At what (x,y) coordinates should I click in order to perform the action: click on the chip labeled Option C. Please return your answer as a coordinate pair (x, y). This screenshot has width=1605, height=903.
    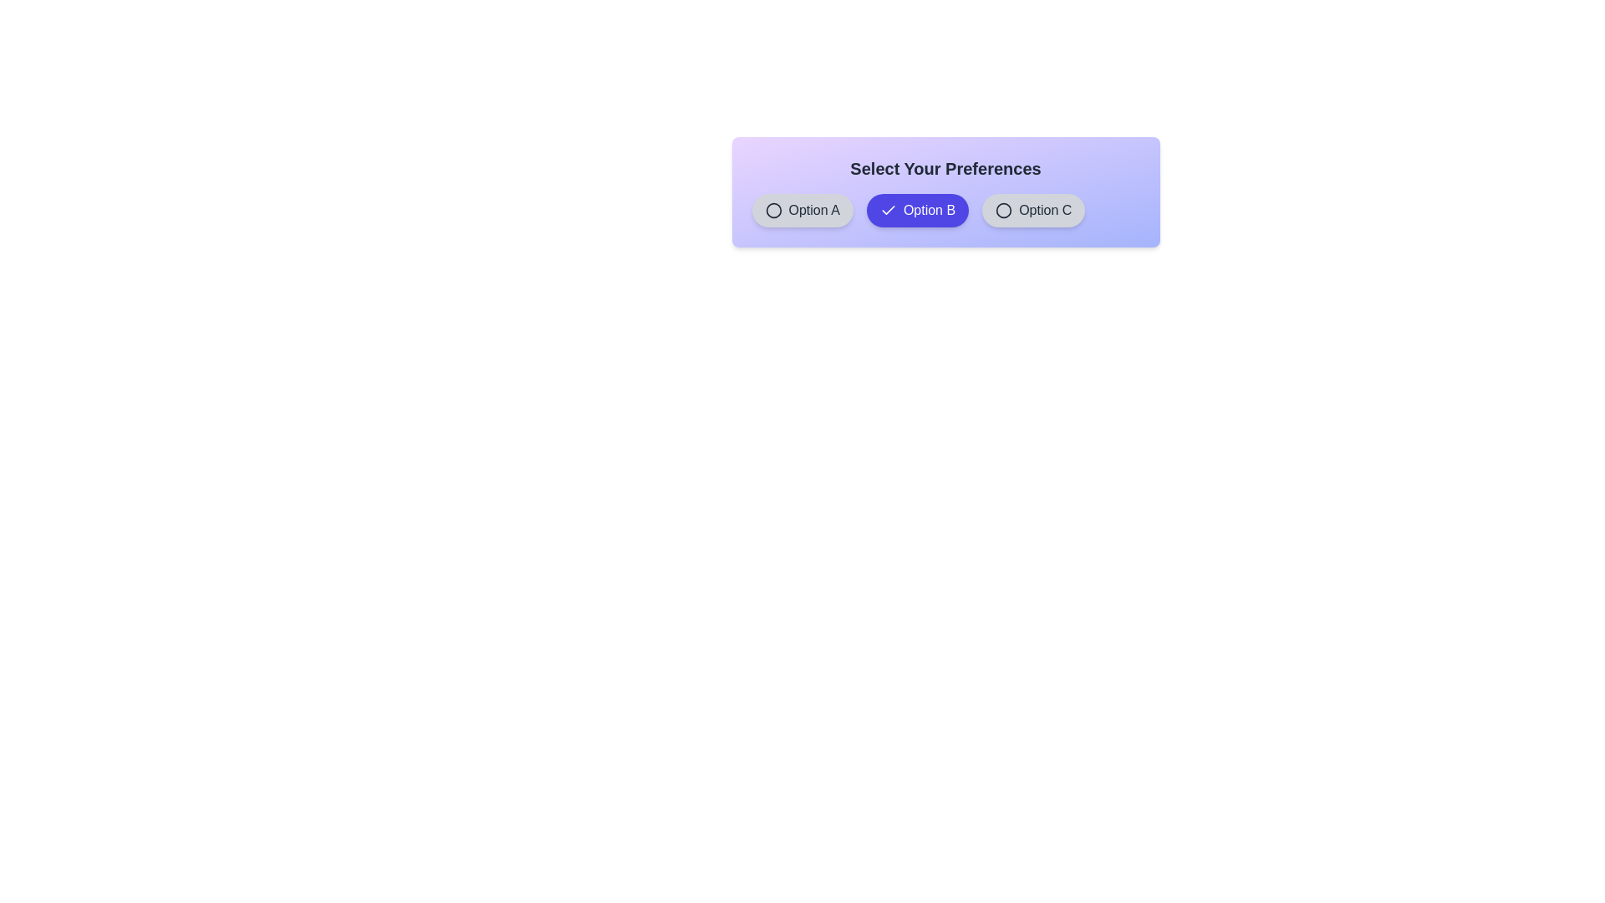
    Looking at the image, I should click on (1032, 209).